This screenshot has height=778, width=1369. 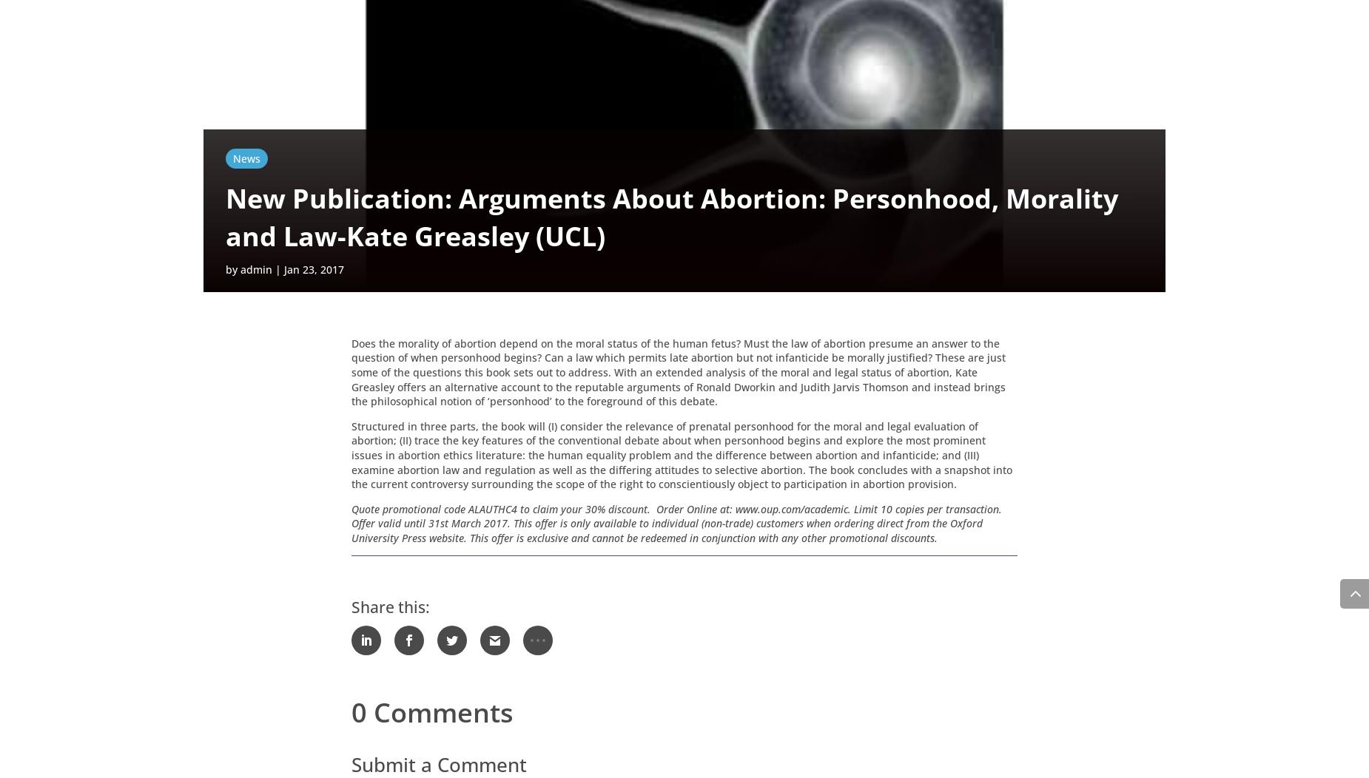 I want to click on 'Share this:', so click(x=351, y=609).